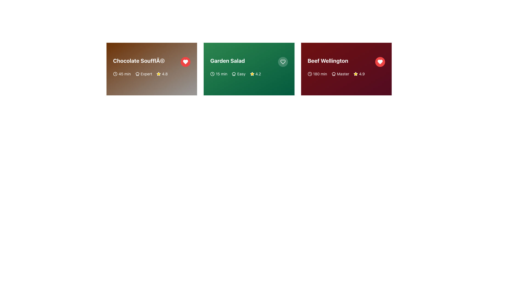  I want to click on the chef's hat icon located to the left of the text 'Master' in the difficulty section of the 'Beef Wellington' card, so click(333, 74).